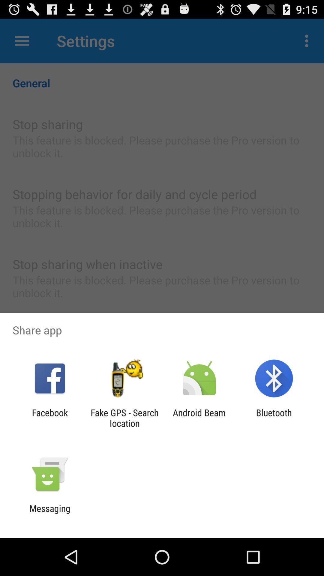 Image resolution: width=324 pixels, height=576 pixels. What do you see at coordinates (274, 418) in the screenshot?
I see `the bluetooth` at bounding box center [274, 418].